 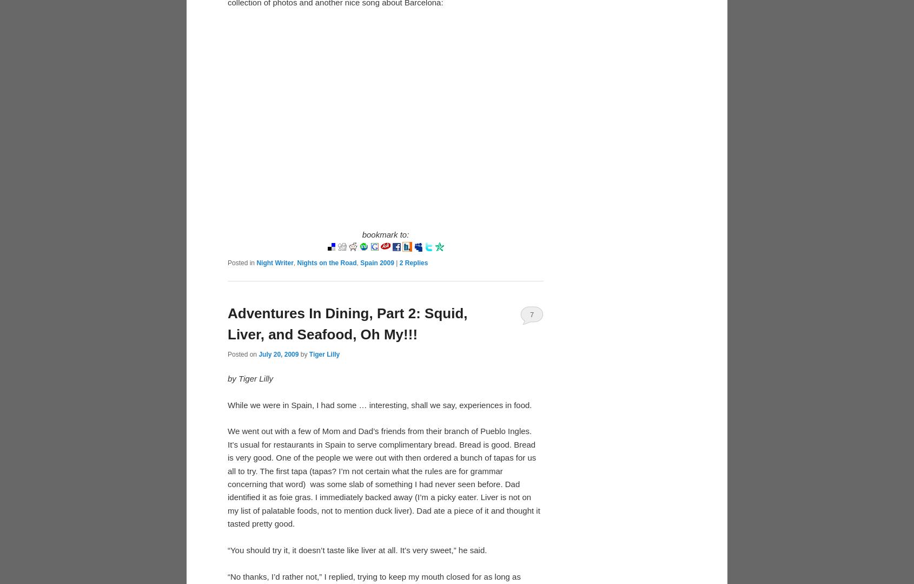 What do you see at coordinates (250, 378) in the screenshot?
I see `'by Tiger Lilly'` at bounding box center [250, 378].